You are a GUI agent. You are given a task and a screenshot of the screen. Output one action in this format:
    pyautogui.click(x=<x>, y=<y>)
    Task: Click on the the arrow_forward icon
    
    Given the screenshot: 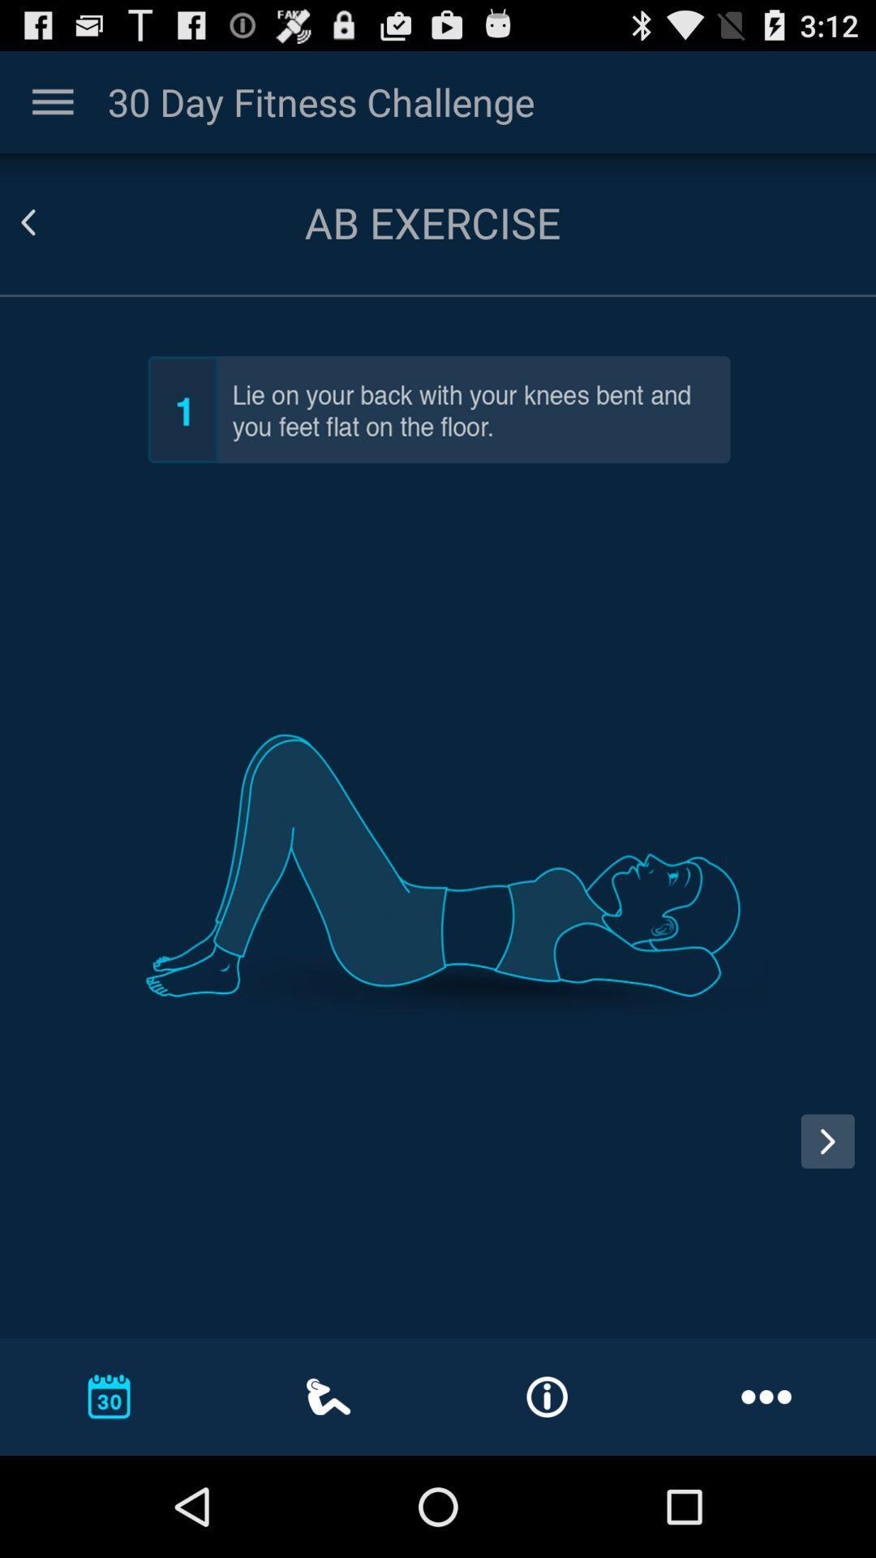 What is the action you would take?
    pyautogui.click(x=833, y=1237)
    